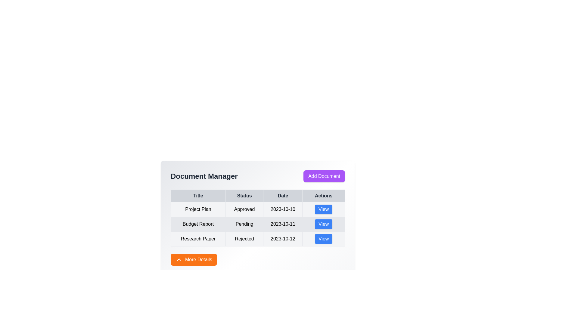 Image resolution: width=578 pixels, height=325 pixels. I want to click on the text label indicating the title of the associated document for 'Budget Report' in the 'Title' column, so click(198, 224).